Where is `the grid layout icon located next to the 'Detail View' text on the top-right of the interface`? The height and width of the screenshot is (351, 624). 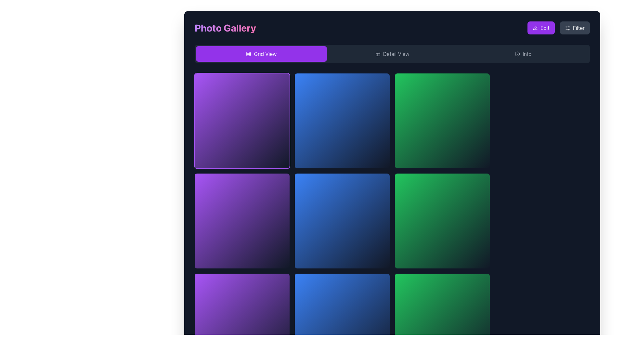 the grid layout icon located next to the 'Detail View' text on the top-right of the interface is located at coordinates (378, 53).